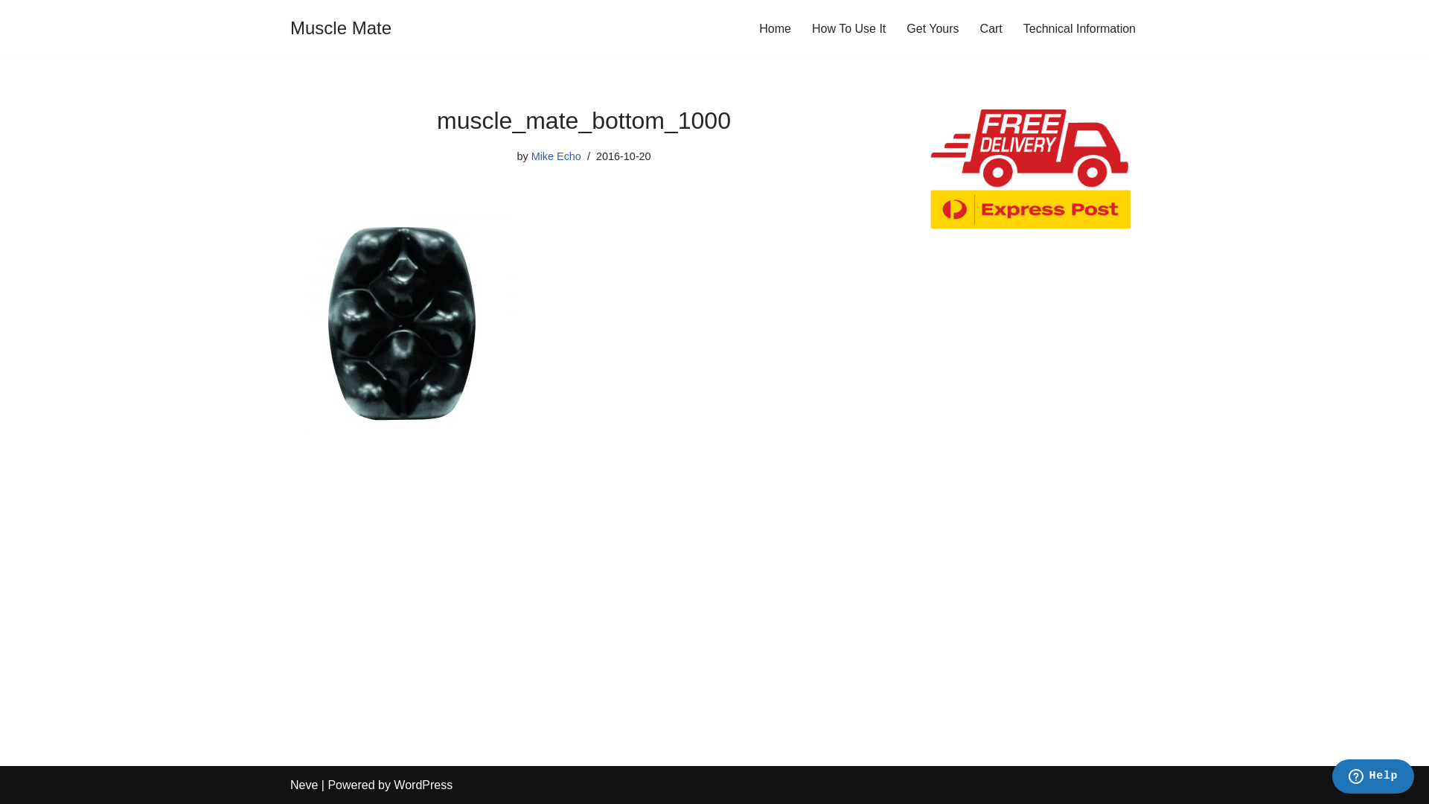 This screenshot has height=804, width=1429. What do you see at coordinates (1079, 28) in the screenshot?
I see `'Technical Information'` at bounding box center [1079, 28].